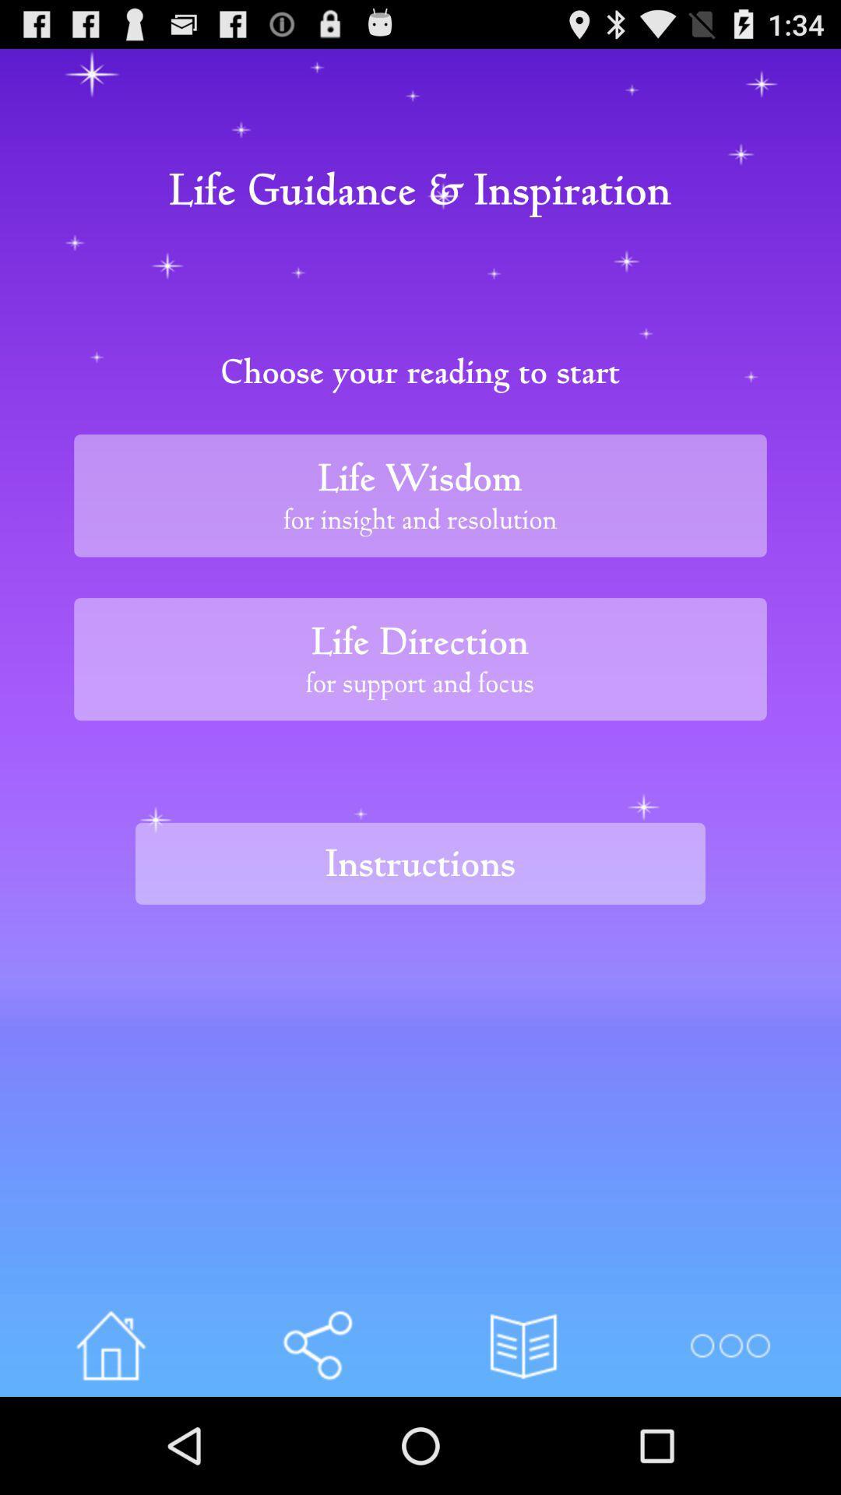 Image resolution: width=841 pixels, height=1495 pixels. What do you see at coordinates (730, 1345) in the screenshot?
I see `show more options` at bounding box center [730, 1345].